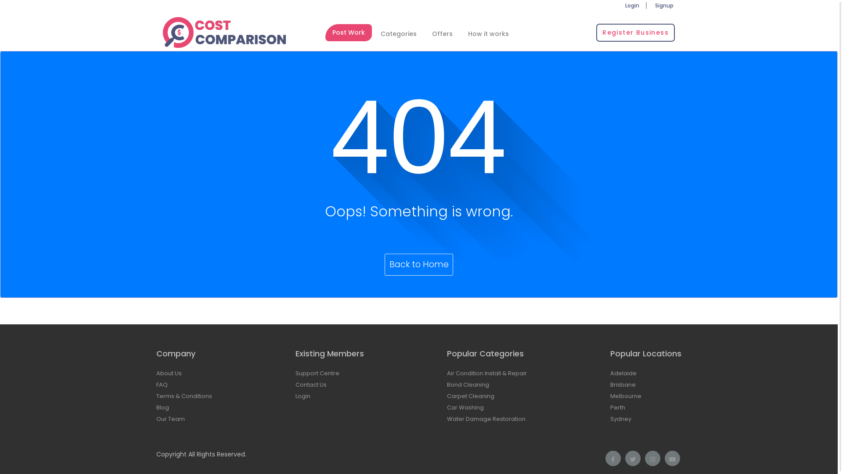 Image resolution: width=843 pixels, height=474 pixels. Describe the element at coordinates (664, 5) in the screenshot. I see `'Signup'` at that location.